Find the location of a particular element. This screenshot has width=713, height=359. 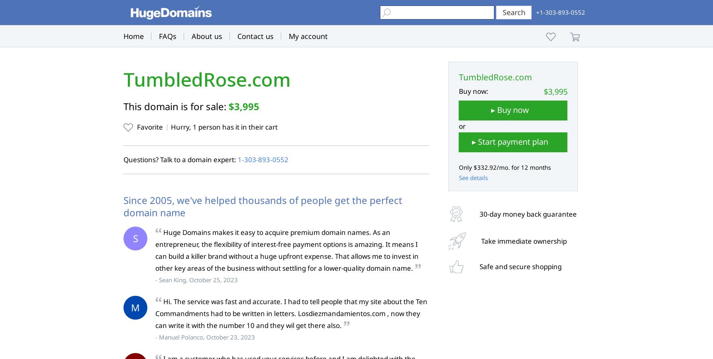

'TumbledRose.com' is located at coordinates (206, 80).